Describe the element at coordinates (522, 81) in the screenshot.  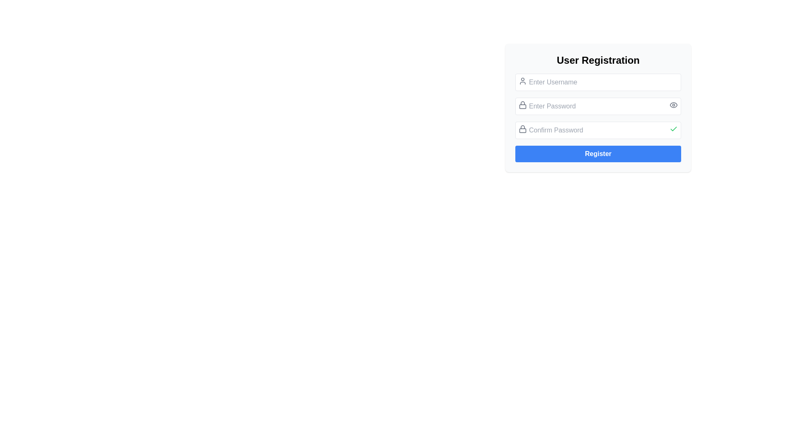
I see `the username input field icon located to the left of the username text field in the user registration form` at that location.